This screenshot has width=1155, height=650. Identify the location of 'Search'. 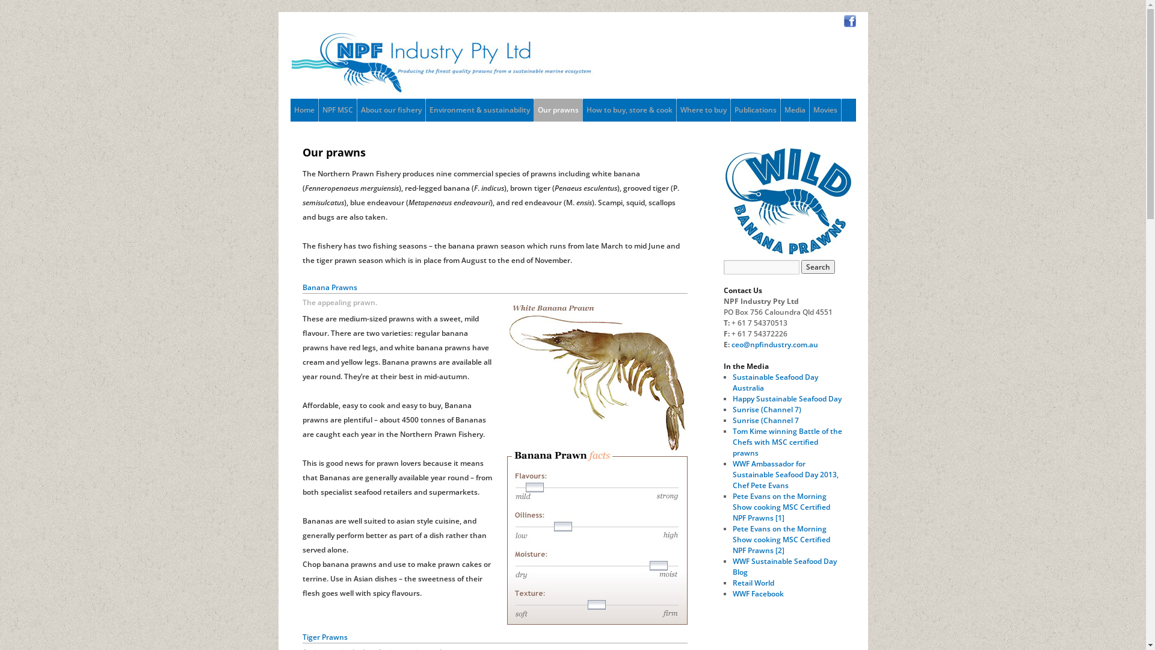
(818, 266).